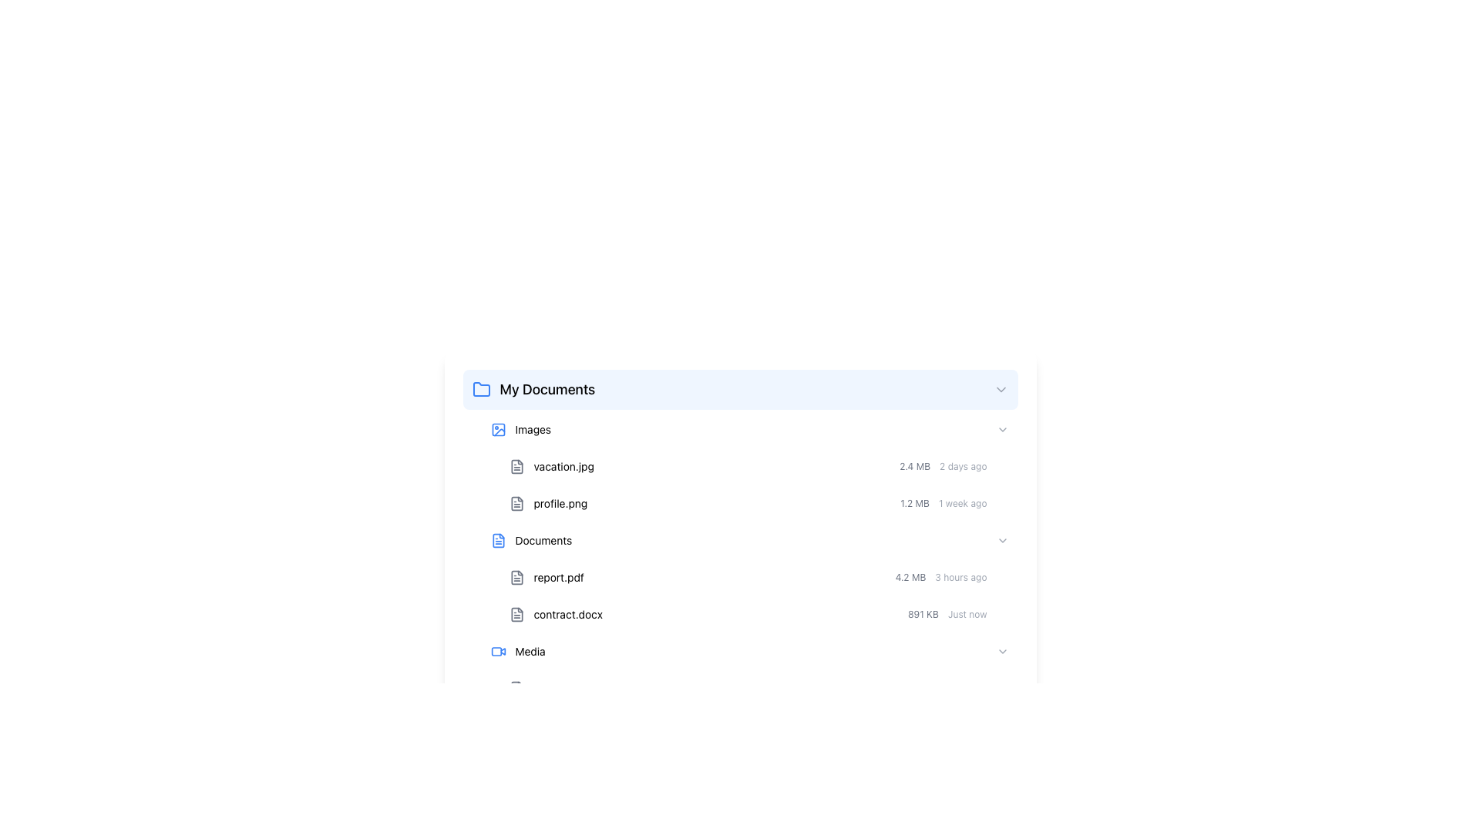 The image size is (1480, 832). Describe the element at coordinates (1002, 430) in the screenshot. I see `the Chevron icon located at the far right of the 'Images' entry row` at that location.